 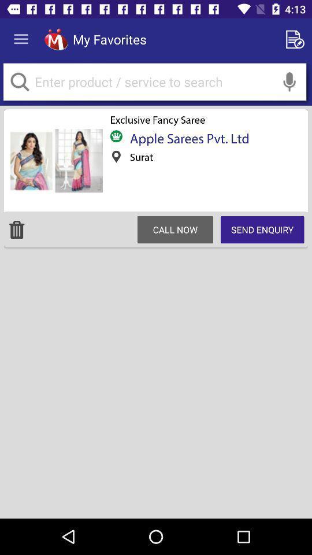 What do you see at coordinates (16, 229) in the screenshot?
I see `delete` at bounding box center [16, 229].